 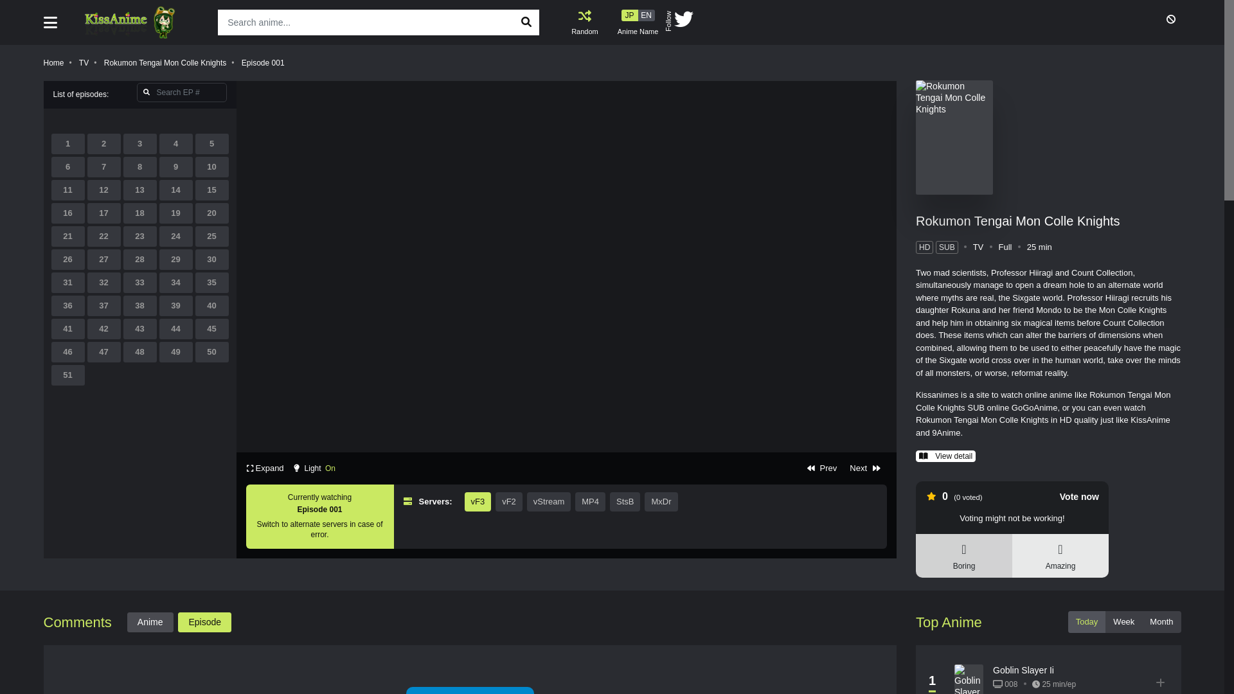 I want to click on '35', so click(x=194, y=281).